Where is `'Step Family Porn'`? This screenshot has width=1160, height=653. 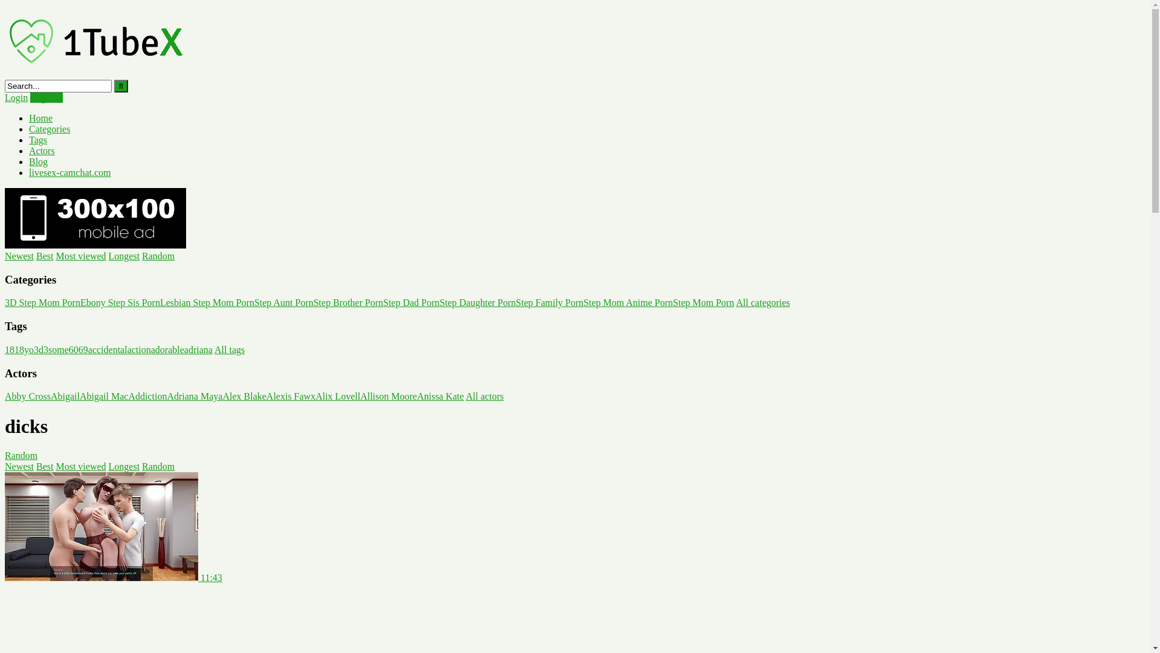
'Step Family Porn' is located at coordinates (549, 302).